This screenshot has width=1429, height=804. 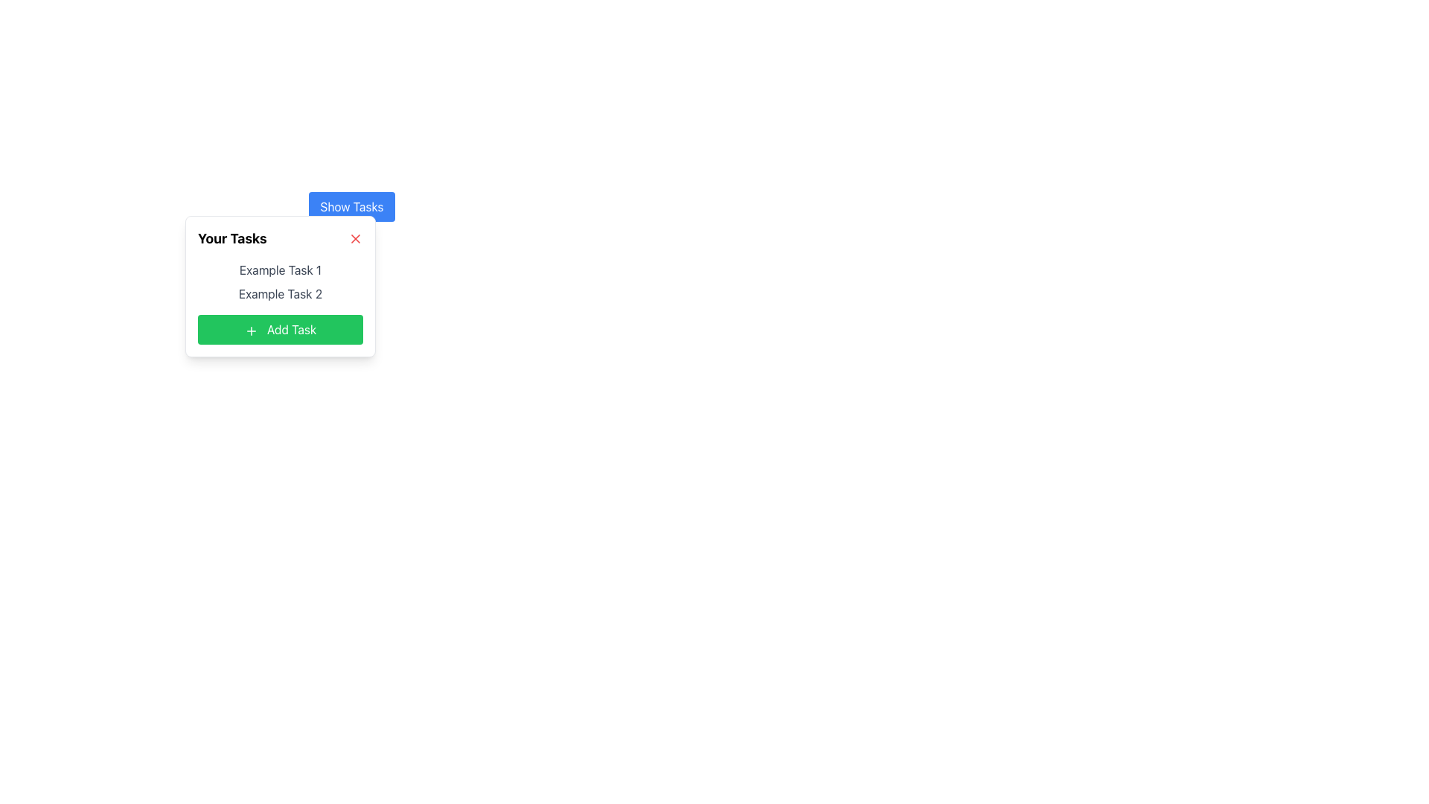 What do you see at coordinates (231, 237) in the screenshot?
I see `the text label displaying 'Your Tasks' which is located at the top left of a task management card interface` at bounding box center [231, 237].